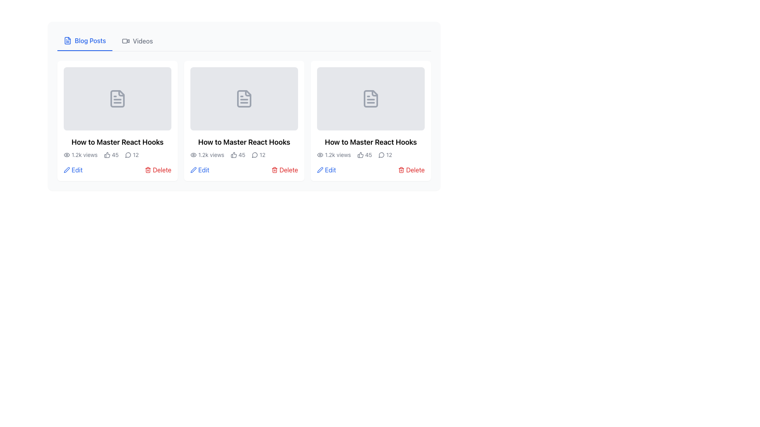 The width and height of the screenshot is (760, 427). Describe the element at coordinates (327, 169) in the screenshot. I see `the editing button located to the left of the 'Delete' option in the list beneath the post preview for keyboard navigation` at that location.